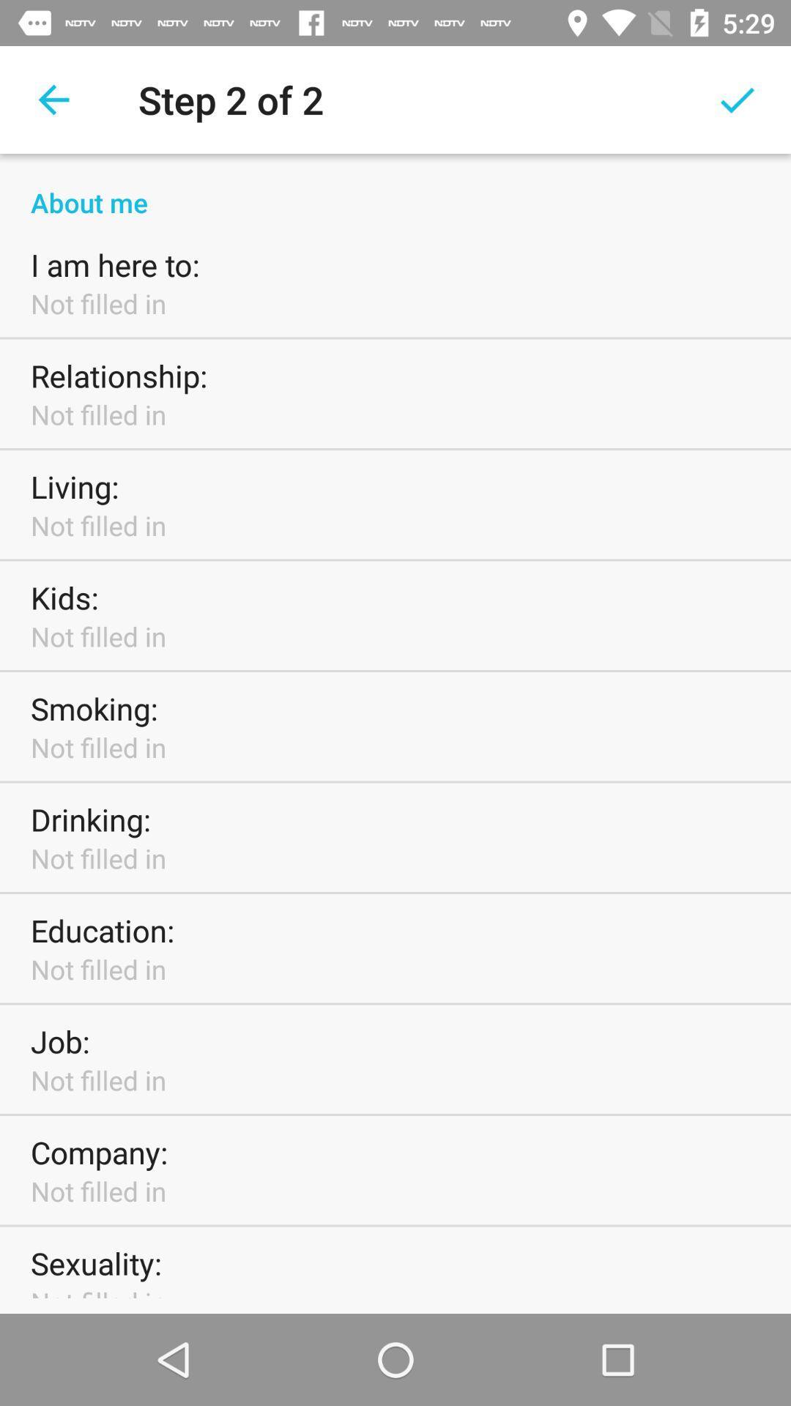 This screenshot has height=1406, width=791. What do you see at coordinates (53, 99) in the screenshot?
I see `the icon above about me` at bounding box center [53, 99].